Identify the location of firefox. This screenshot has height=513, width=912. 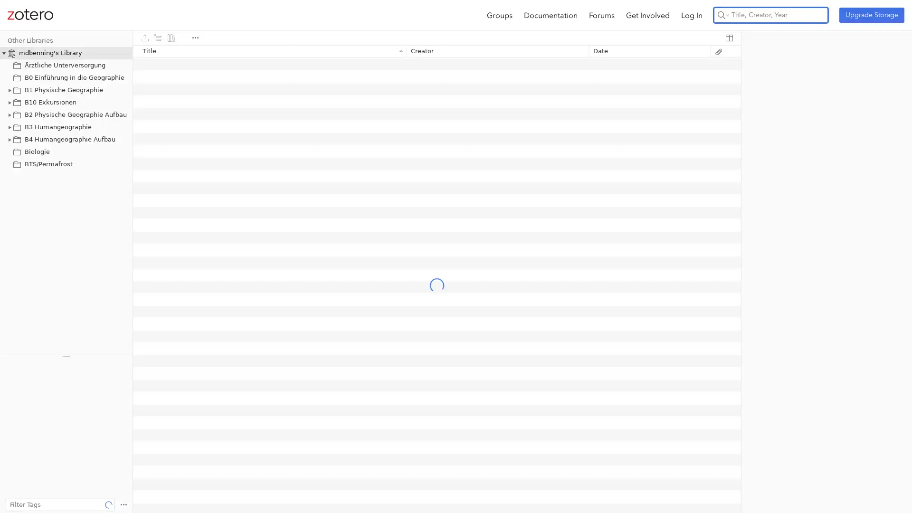
(104, 452).